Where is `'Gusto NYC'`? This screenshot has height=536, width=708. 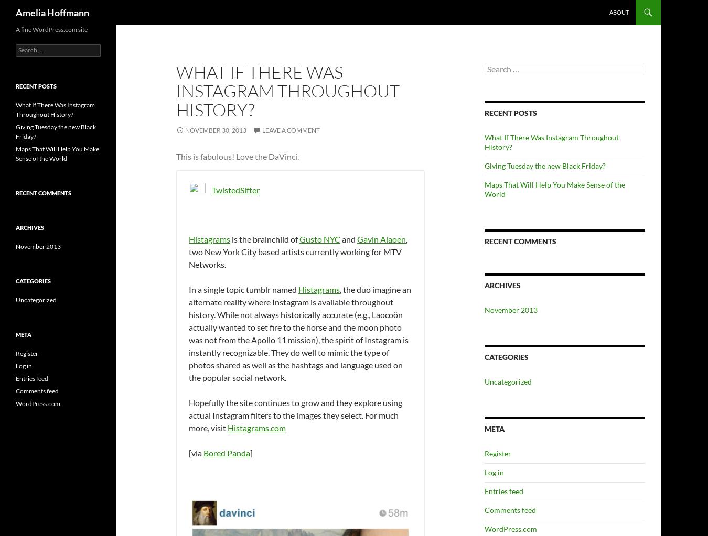 'Gusto NYC' is located at coordinates (320, 238).